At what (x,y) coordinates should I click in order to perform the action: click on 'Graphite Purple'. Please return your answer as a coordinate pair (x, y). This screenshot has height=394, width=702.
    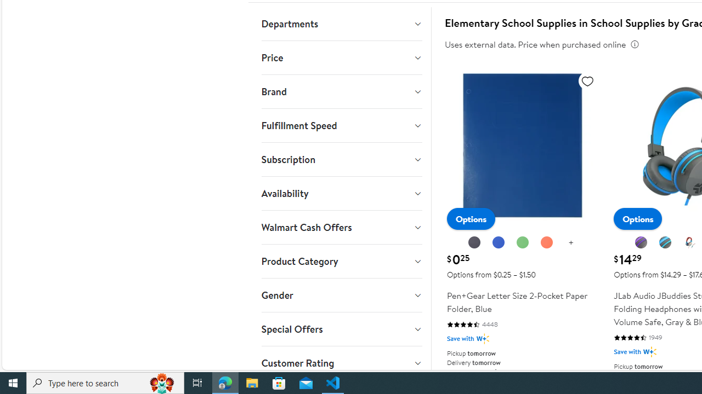
    Looking at the image, I should click on (641, 242).